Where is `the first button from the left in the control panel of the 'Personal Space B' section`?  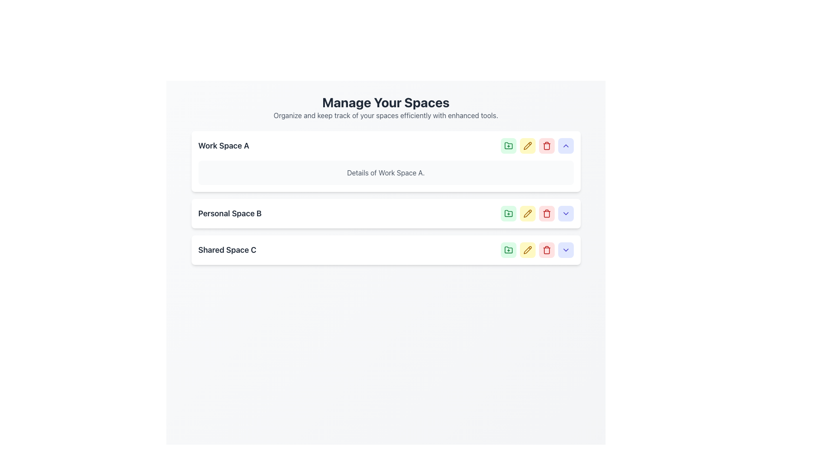 the first button from the left in the control panel of the 'Personal Space B' section is located at coordinates (508, 214).